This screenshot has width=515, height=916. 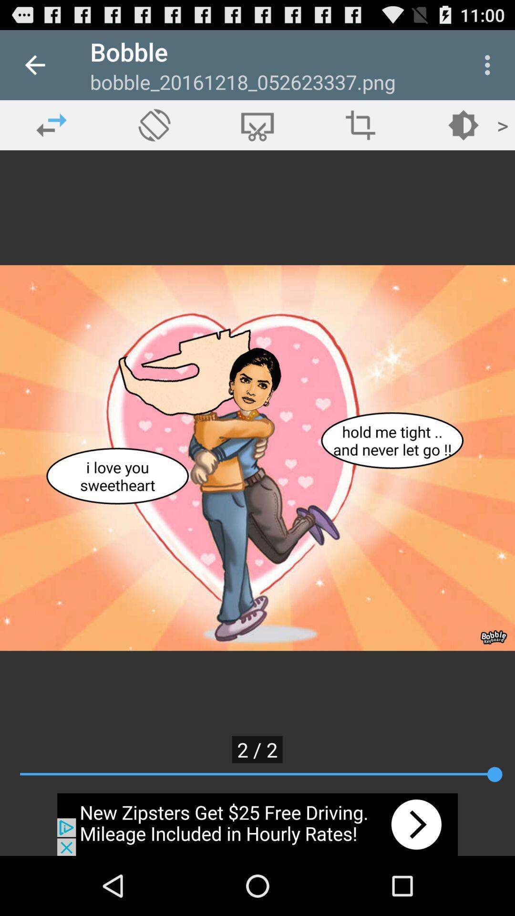 I want to click on open advertisement, so click(x=257, y=824).